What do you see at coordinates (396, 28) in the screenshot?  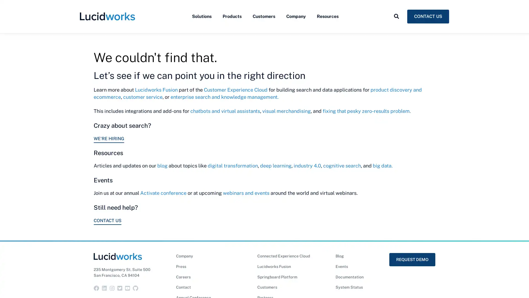 I see `TOGGLE DROPDOWN` at bounding box center [396, 28].